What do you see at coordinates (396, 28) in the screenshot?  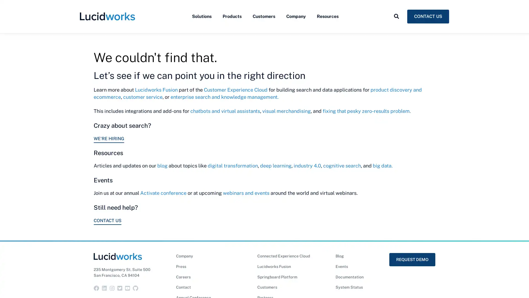 I see `TOGGLE DROPDOWN` at bounding box center [396, 28].